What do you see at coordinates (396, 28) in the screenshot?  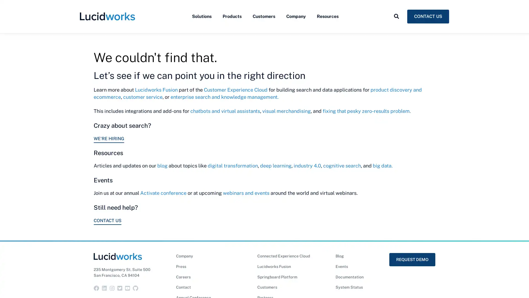 I see `TOGGLE DROPDOWN` at bounding box center [396, 28].